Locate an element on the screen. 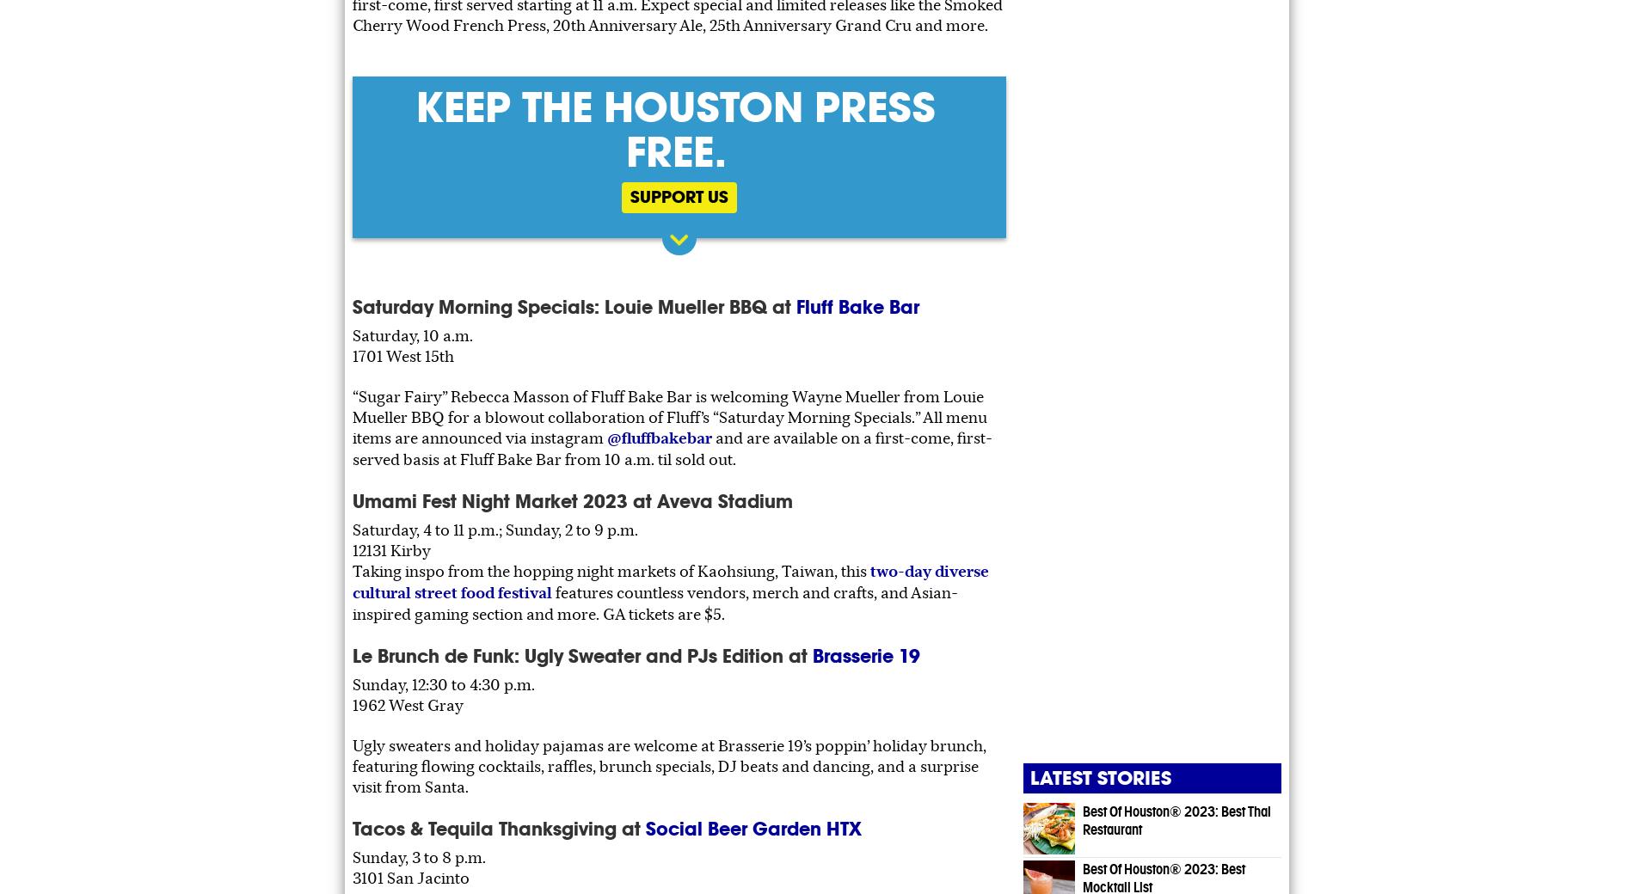  'Social Beer Garden HTX' is located at coordinates (645, 828).